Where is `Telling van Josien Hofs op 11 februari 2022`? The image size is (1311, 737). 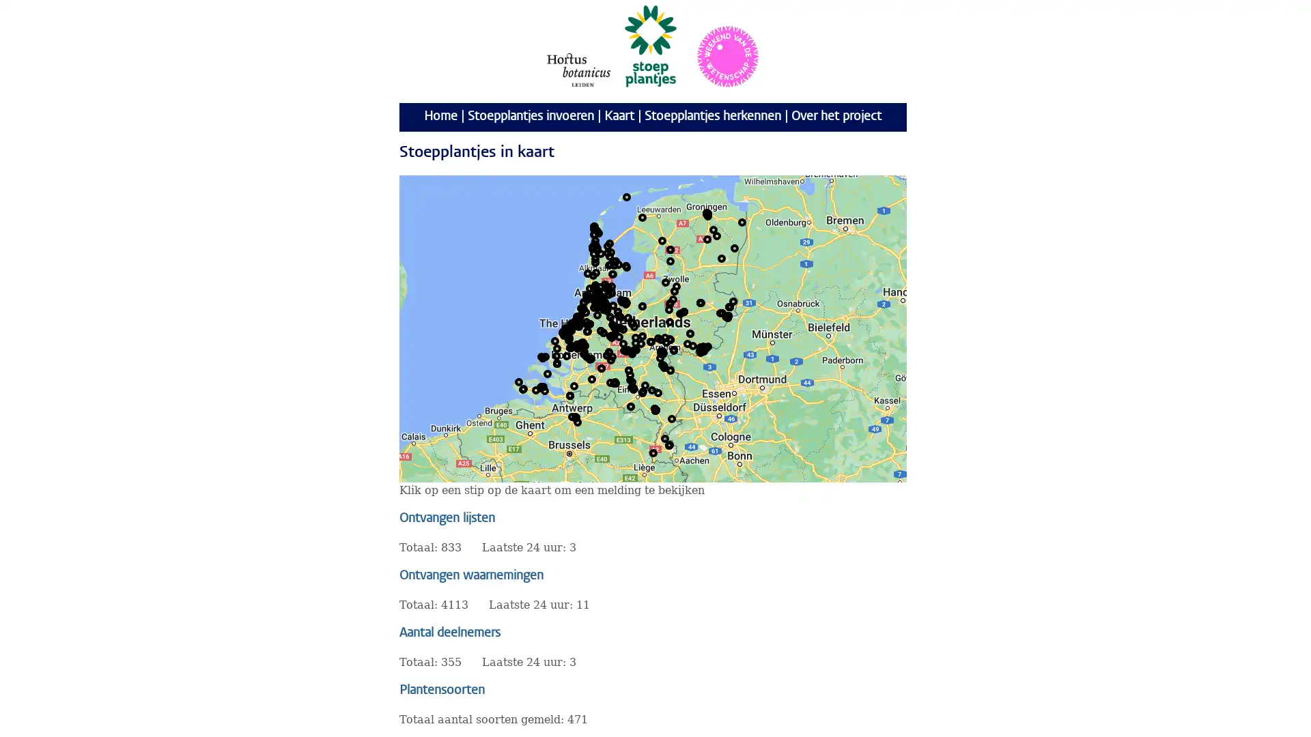 Telling van Josien Hofs op 11 februari 2022 is located at coordinates (576, 345).